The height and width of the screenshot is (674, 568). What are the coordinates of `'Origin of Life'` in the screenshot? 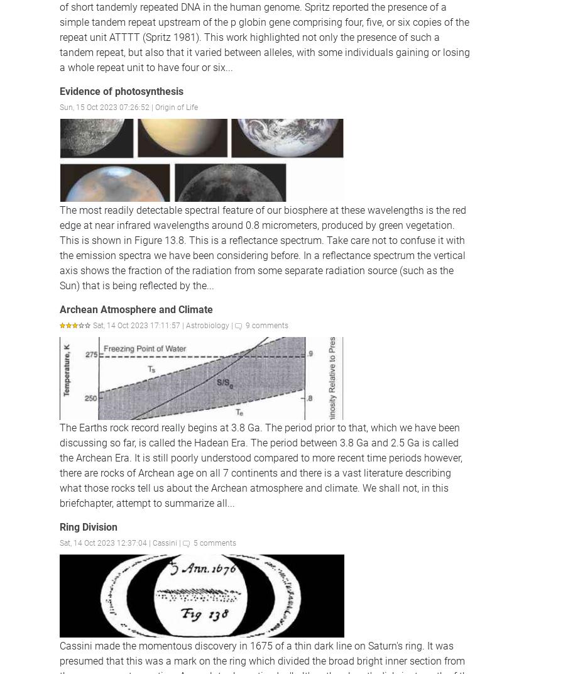 It's located at (175, 106).